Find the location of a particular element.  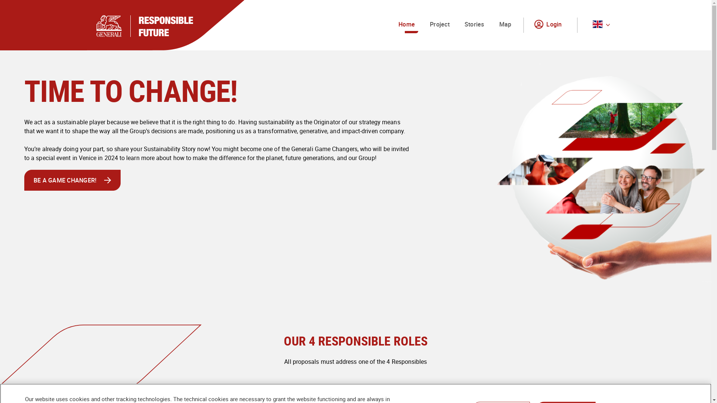

'Stories' is located at coordinates (474, 25).